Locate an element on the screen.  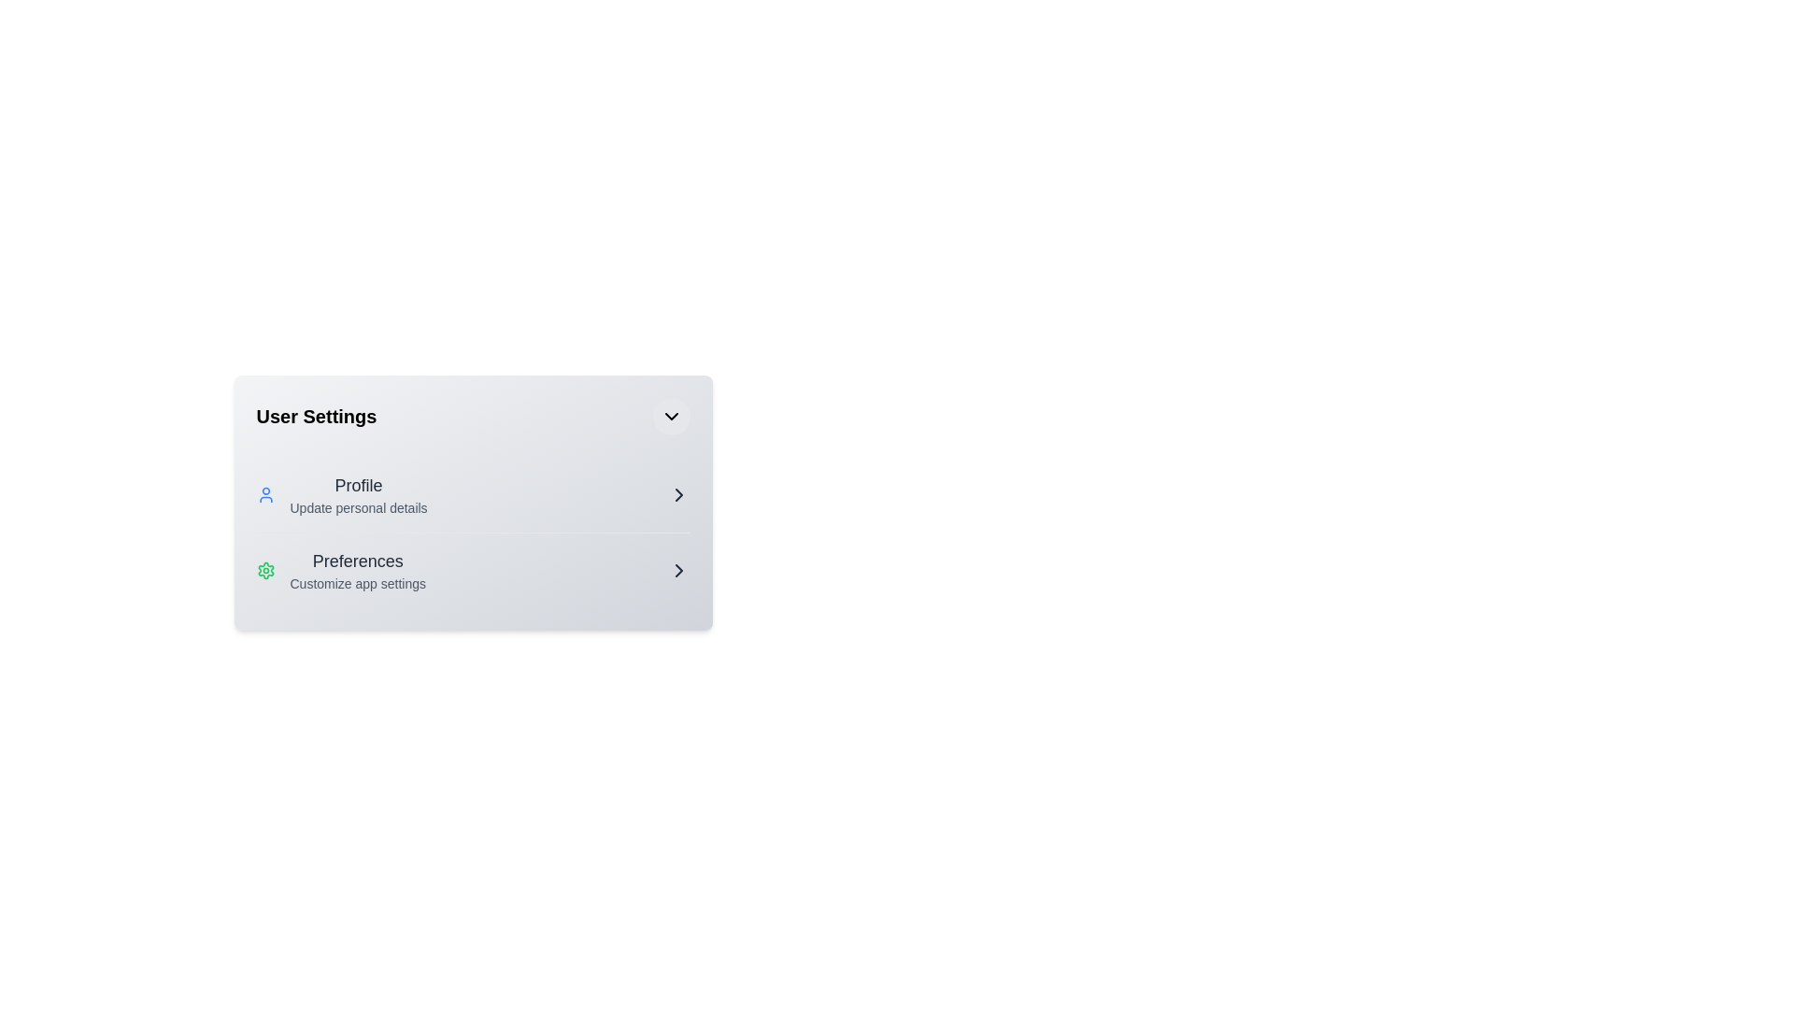
description of the 'Preferences' settings option, which includes the text 'Preferences' in bold and 'Customize app settings' in smaller gray font, located in the User Settings list is located at coordinates (358, 569).